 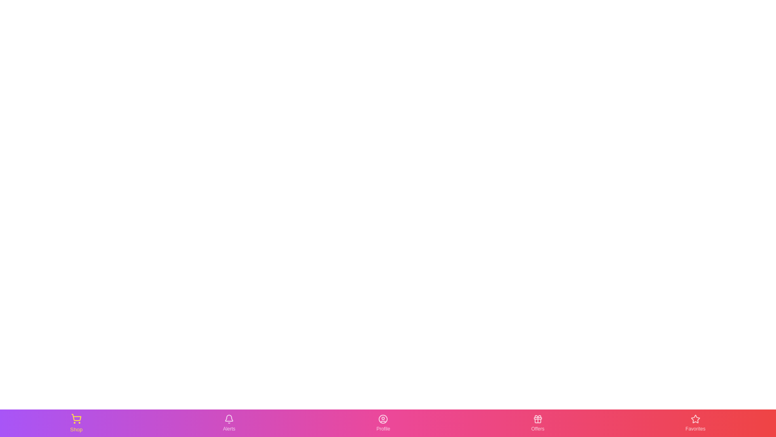 I want to click on the Profile icon in the navigation bar, so click(x=383, y=422).